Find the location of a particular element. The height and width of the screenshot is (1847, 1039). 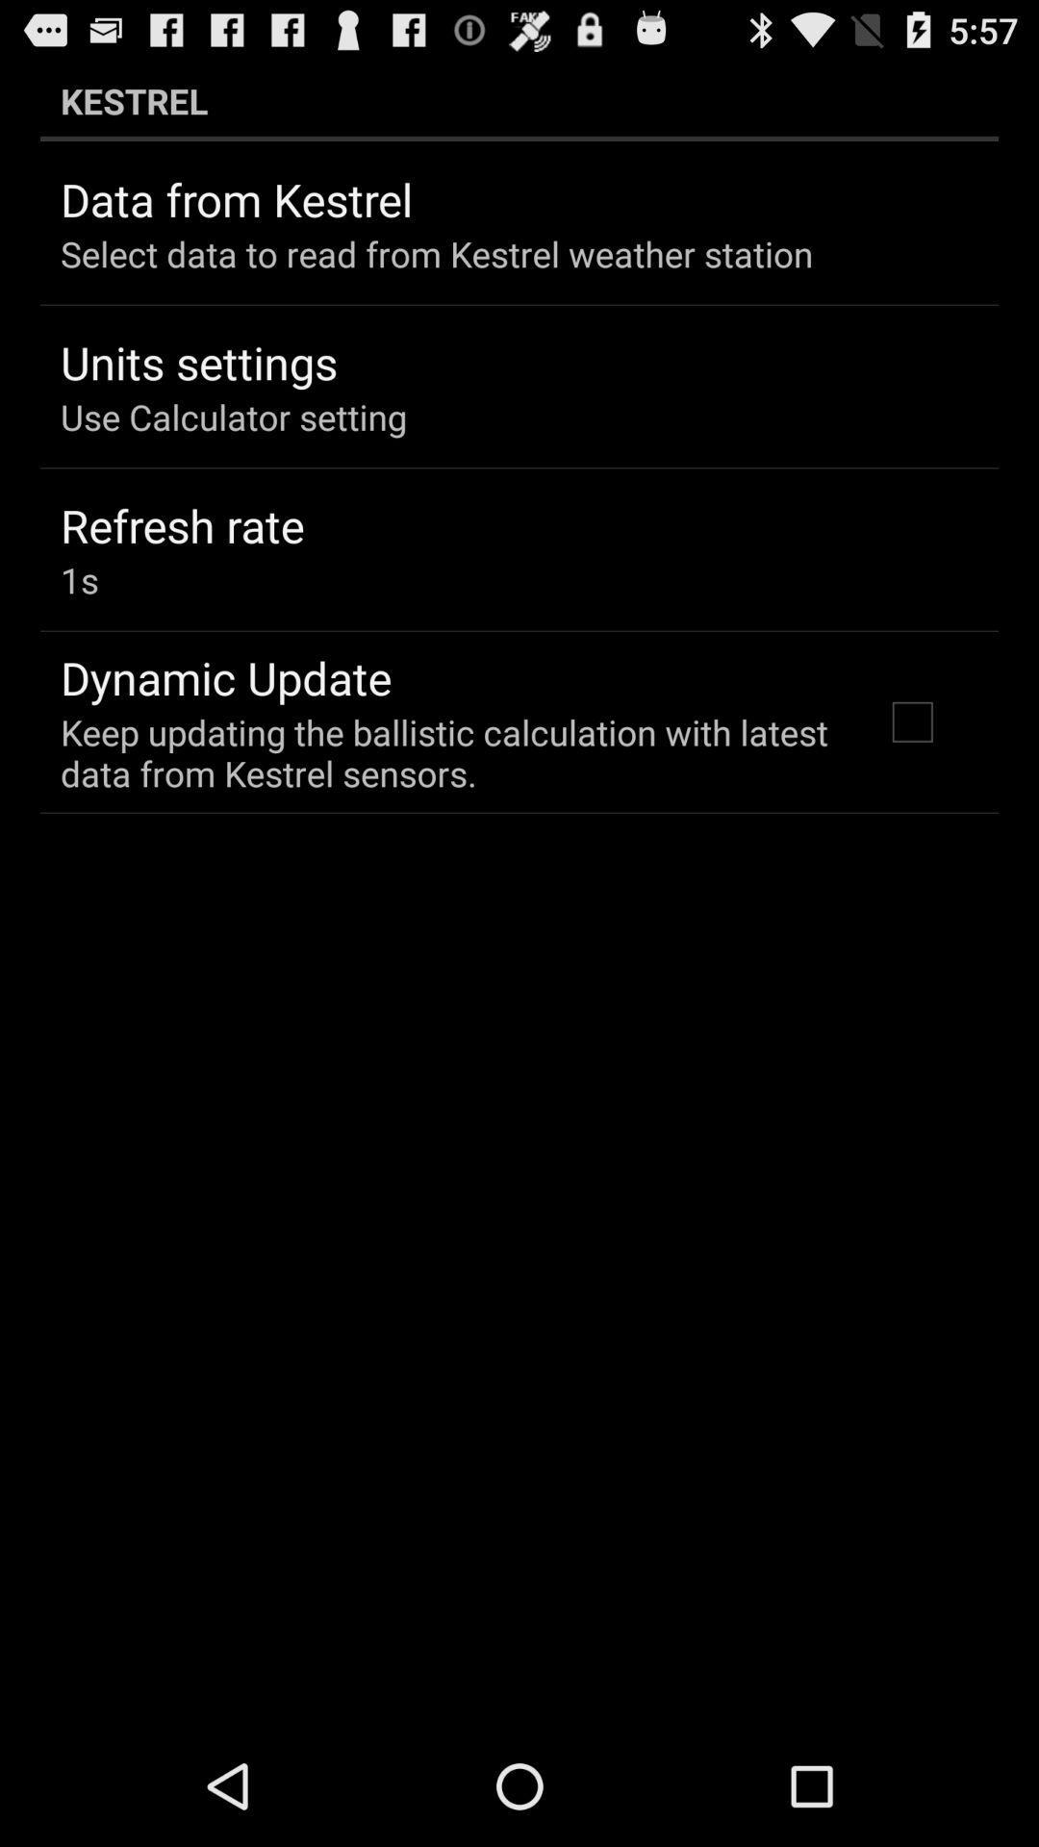

use calculator setting is located at coordinates (233, 416).